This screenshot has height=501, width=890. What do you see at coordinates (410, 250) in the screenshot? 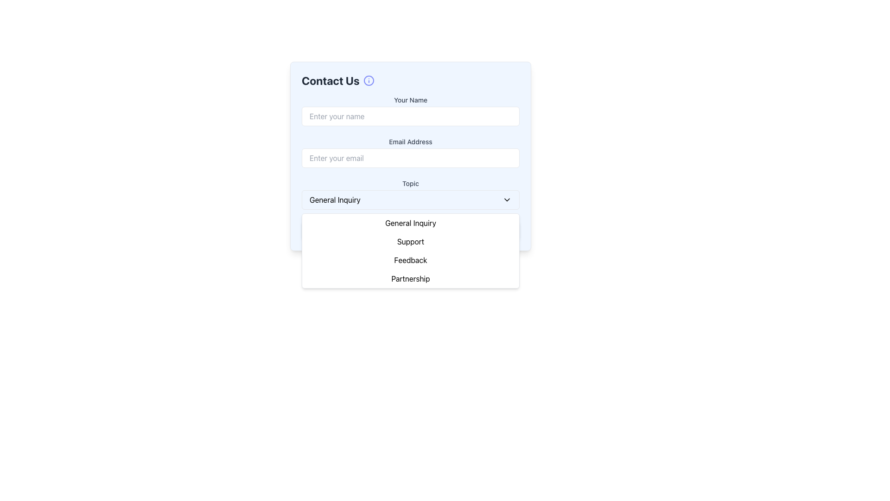
I see `the dropdown menu displaying options such as 'General Inquiry', 'Support', 'Feedback', and 'Partnership', which is located below the 'Topic' input field in the 'Contact Us' form` at bounding box center [410, 250].